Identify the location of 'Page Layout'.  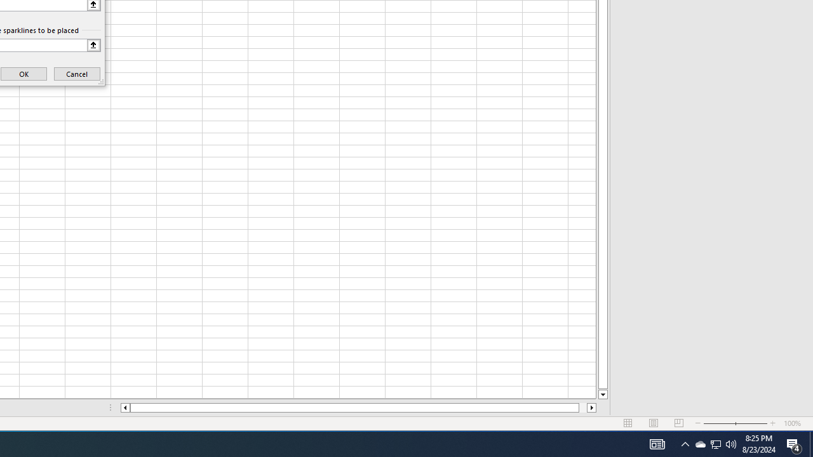
(654, 423).